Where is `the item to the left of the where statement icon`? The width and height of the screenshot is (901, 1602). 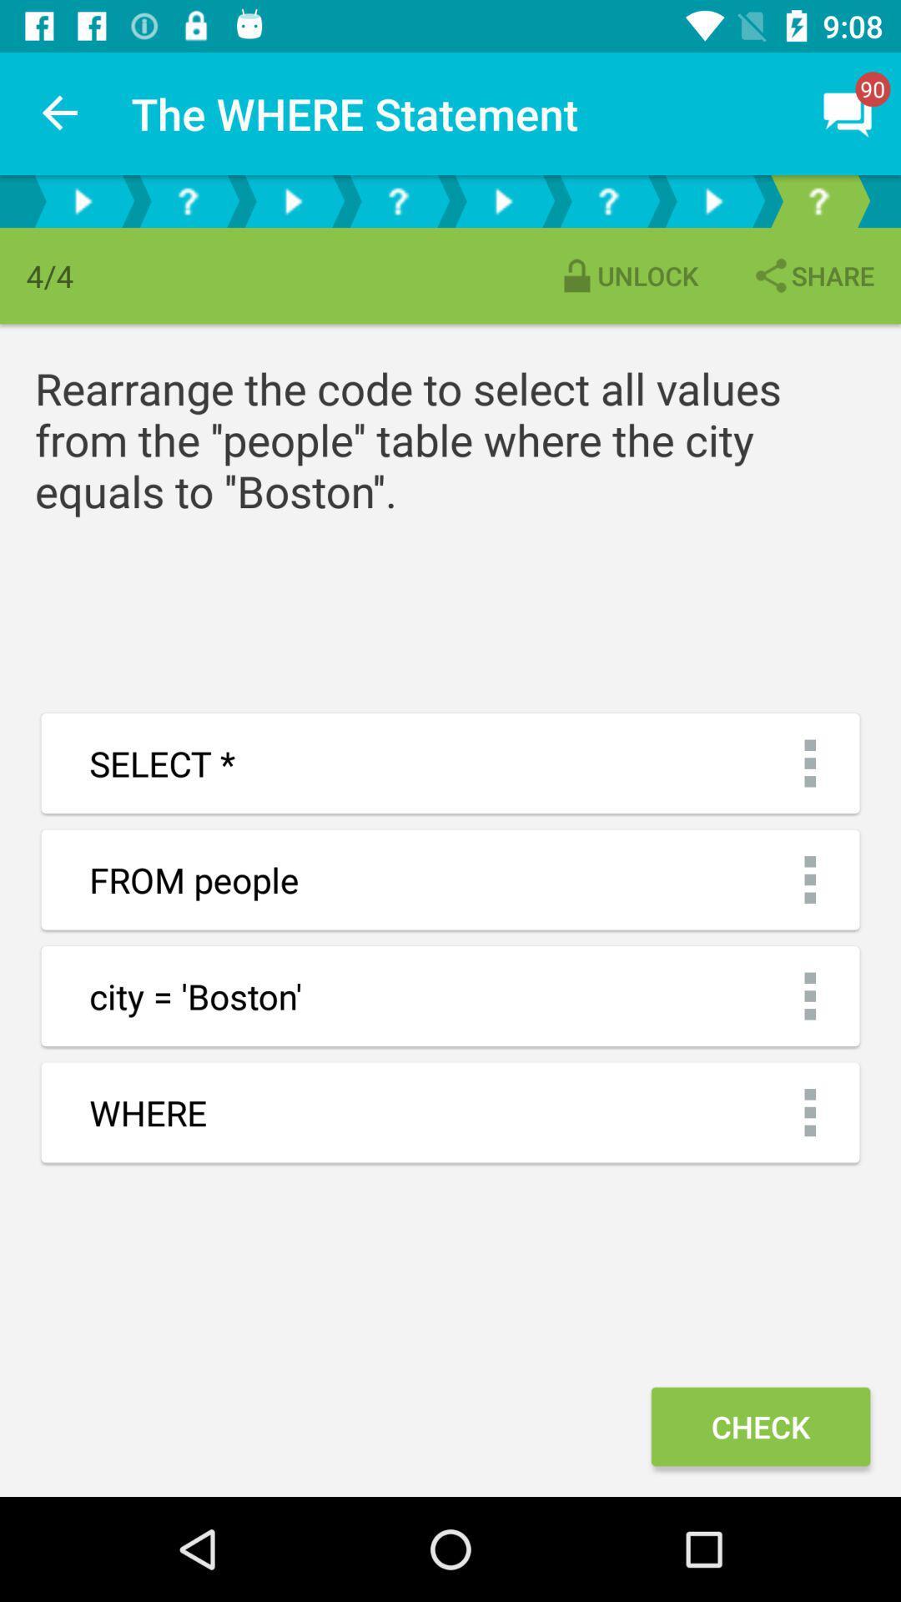
the item to the left of the where statement icon is located at coordinates (60, 113).